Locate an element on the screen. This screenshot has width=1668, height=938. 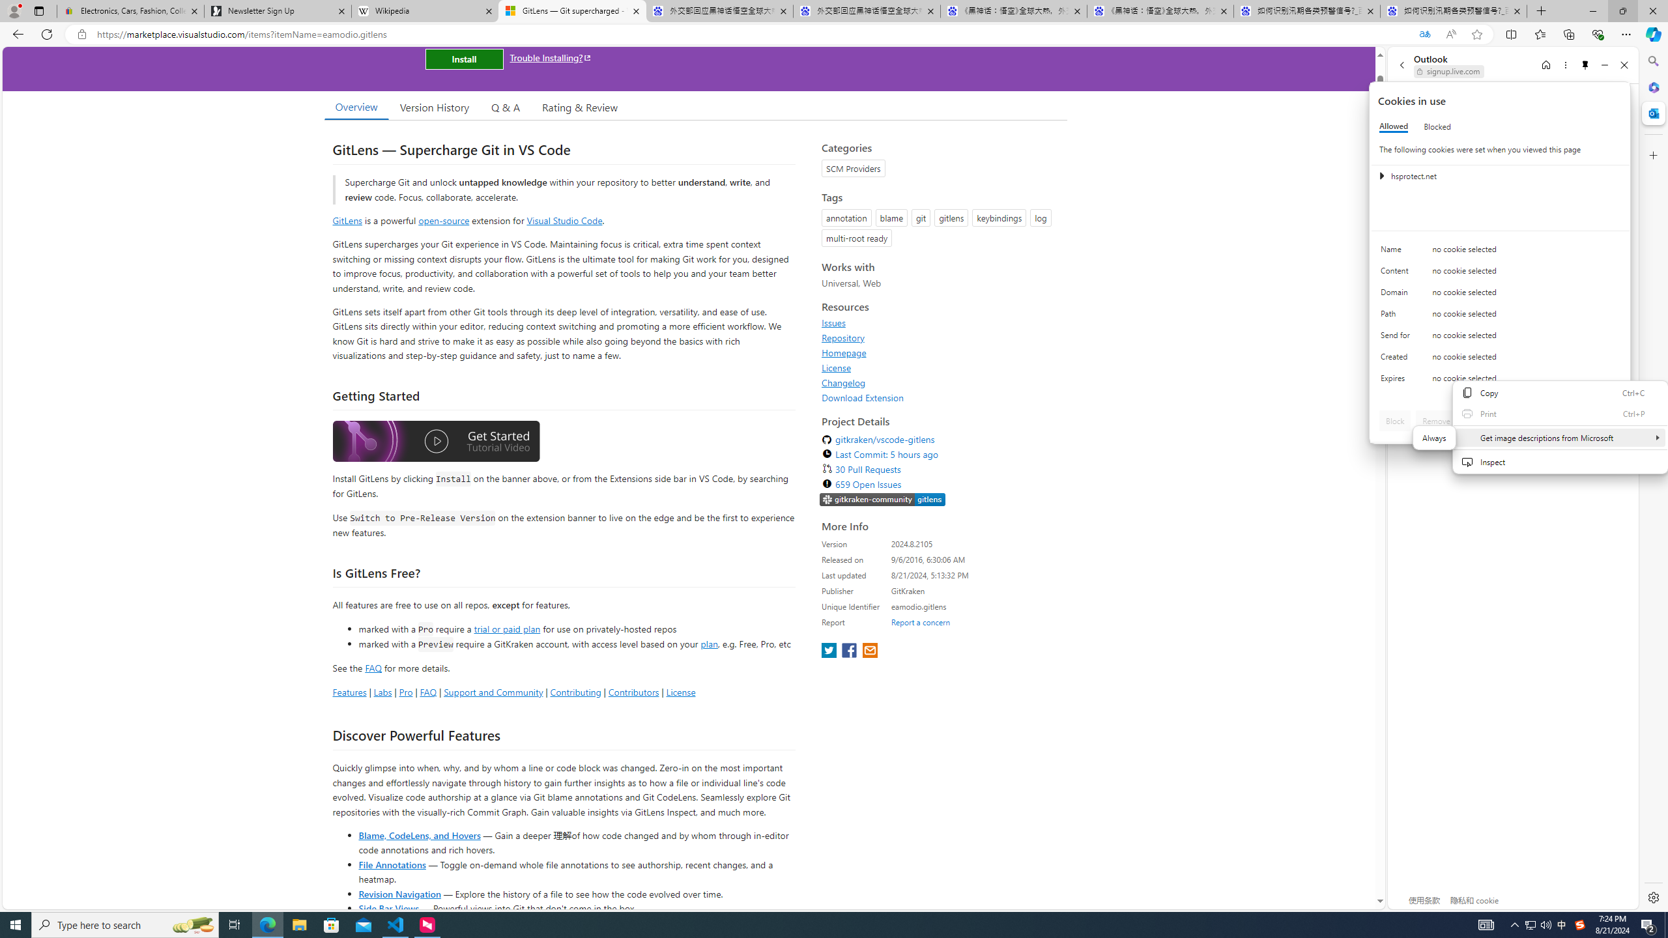
'Inspect' is located at coordinates (1559, 461).